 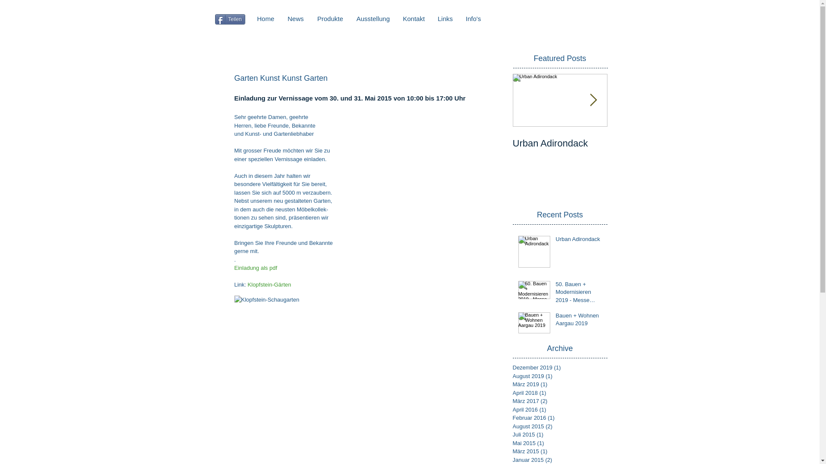 I want to click on 'April 2018 (1)', so click(x=558, y=393).